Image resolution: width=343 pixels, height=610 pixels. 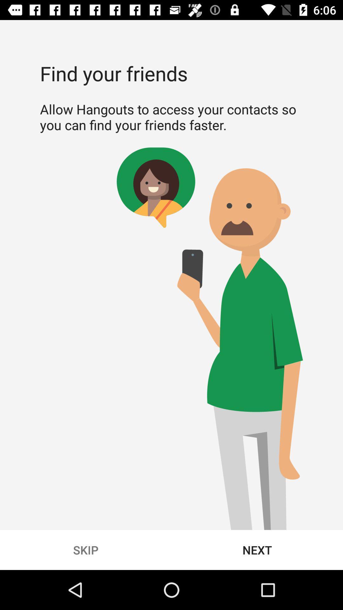 I want to click on the next at the bottom right corner, so click(x=257, y=550).